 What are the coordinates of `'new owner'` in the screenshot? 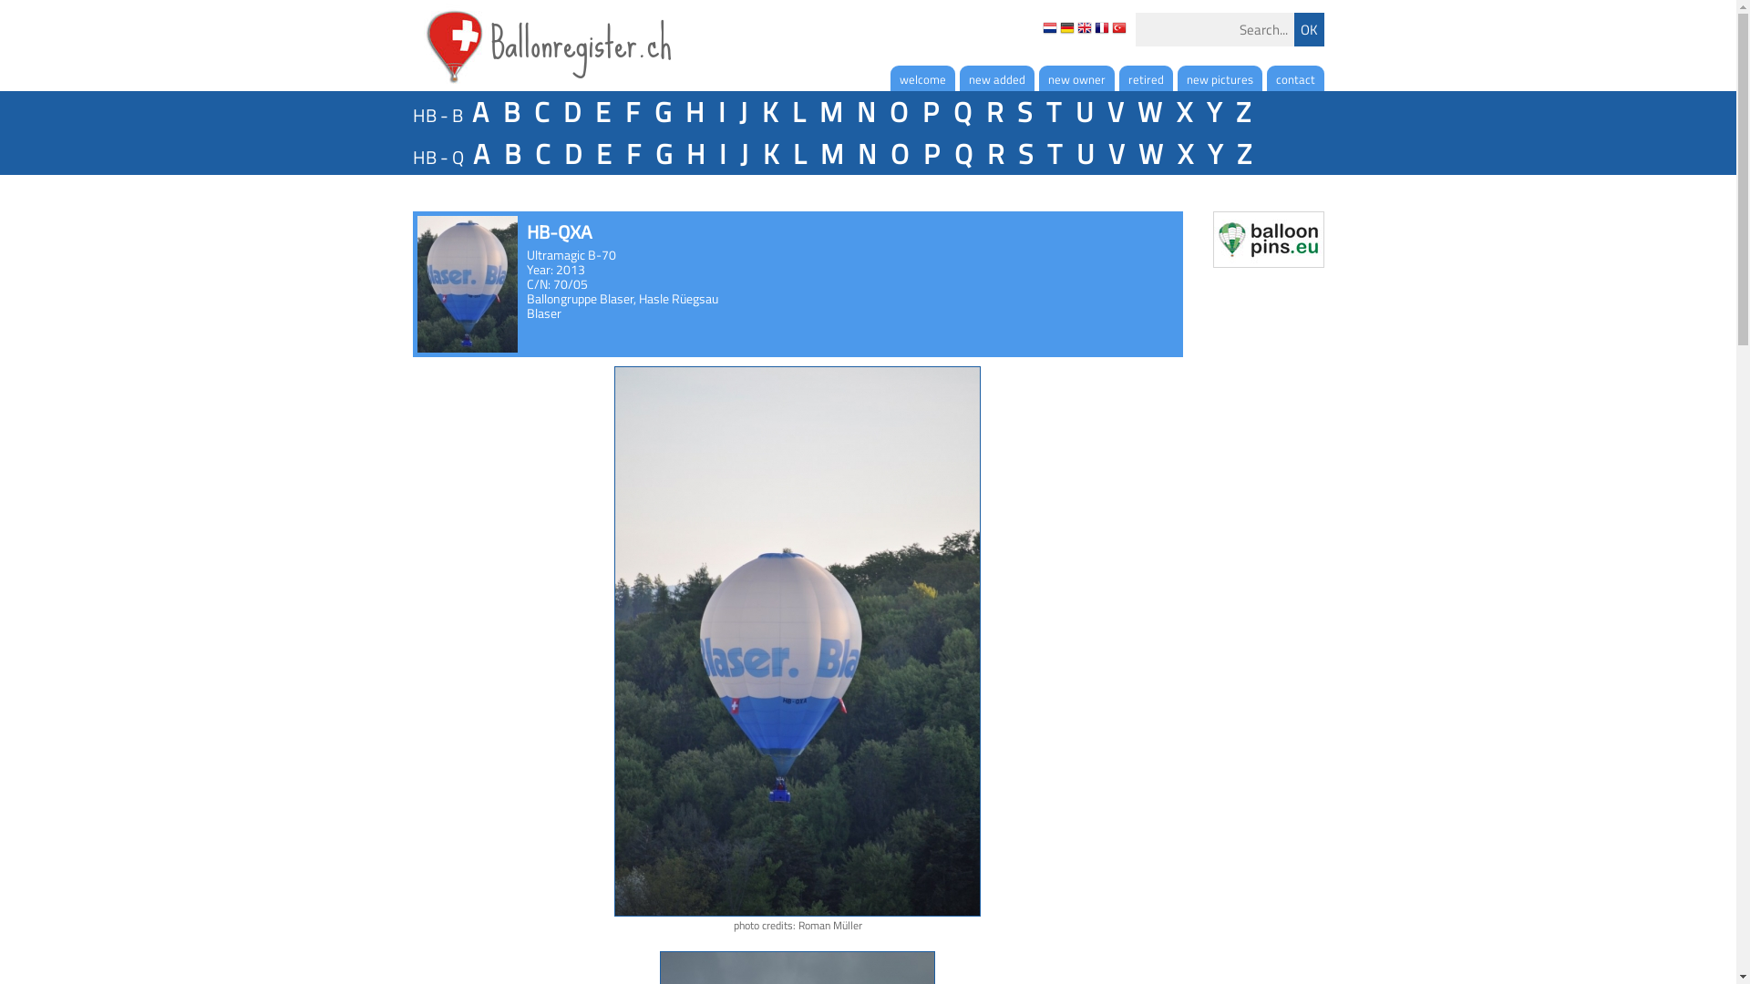 It's located at (1076, 77).